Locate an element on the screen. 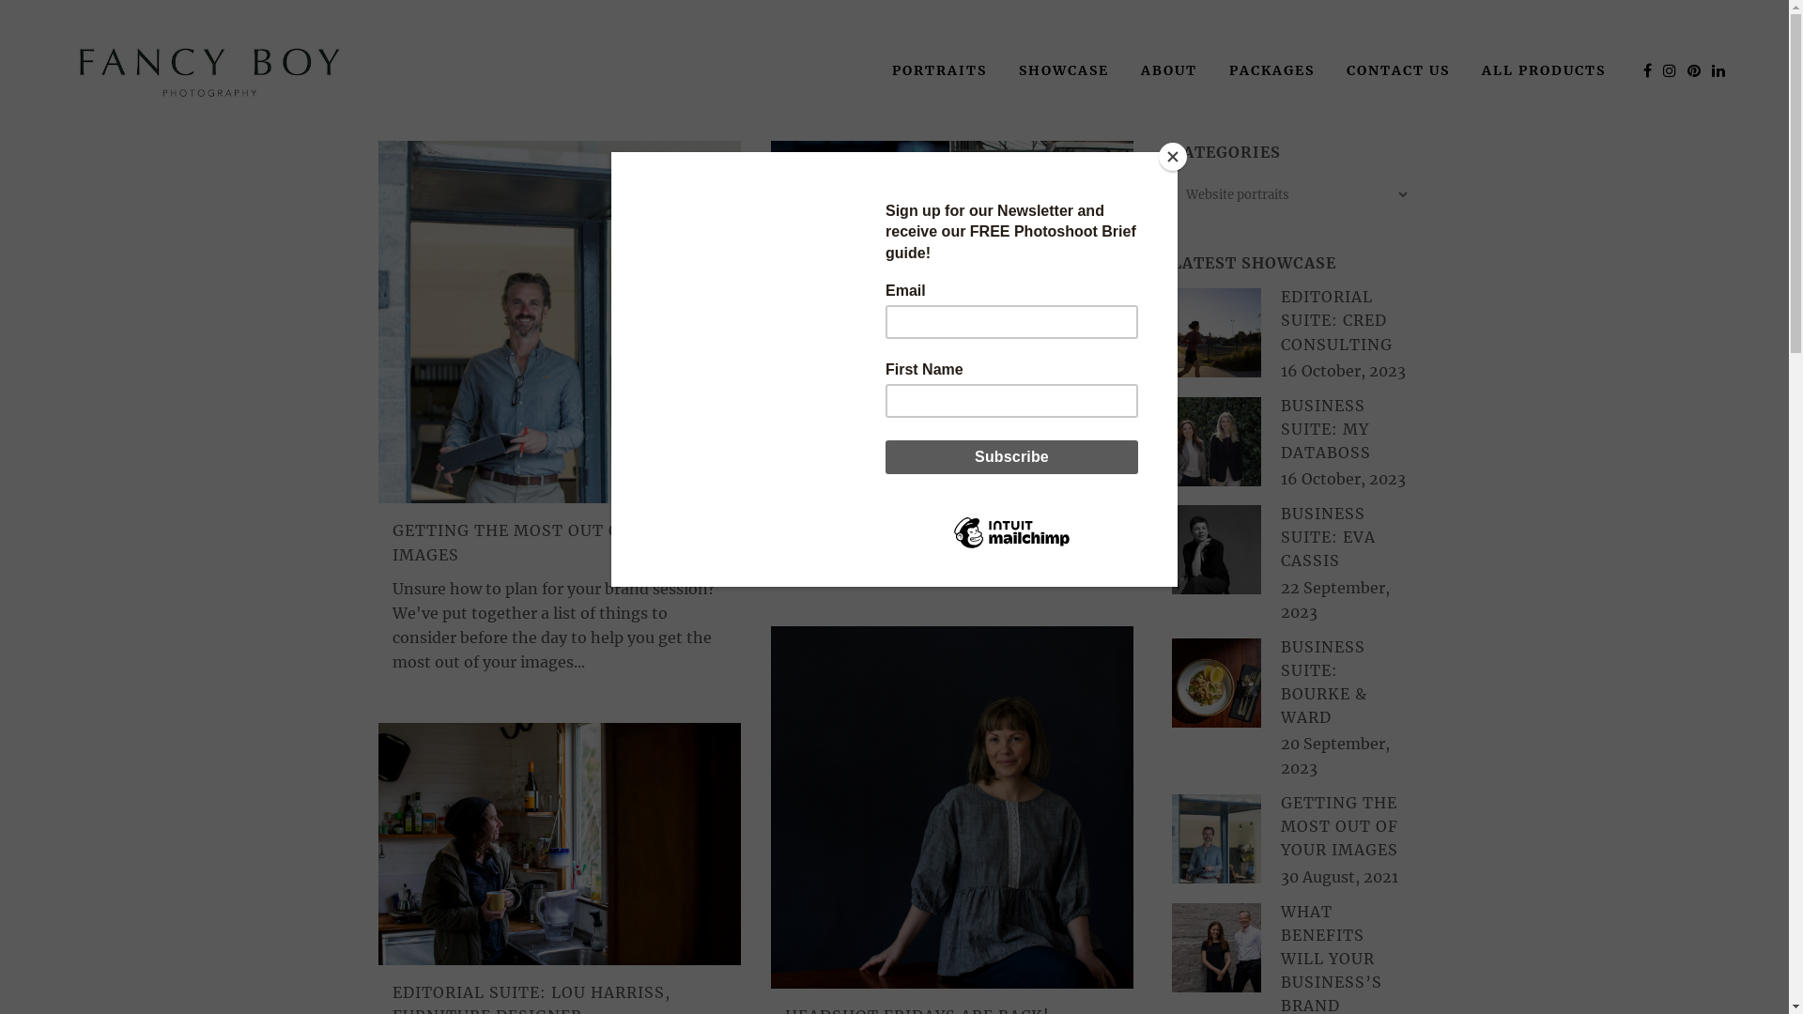  'PORTRAITS' is located at coordinates (939, 69).